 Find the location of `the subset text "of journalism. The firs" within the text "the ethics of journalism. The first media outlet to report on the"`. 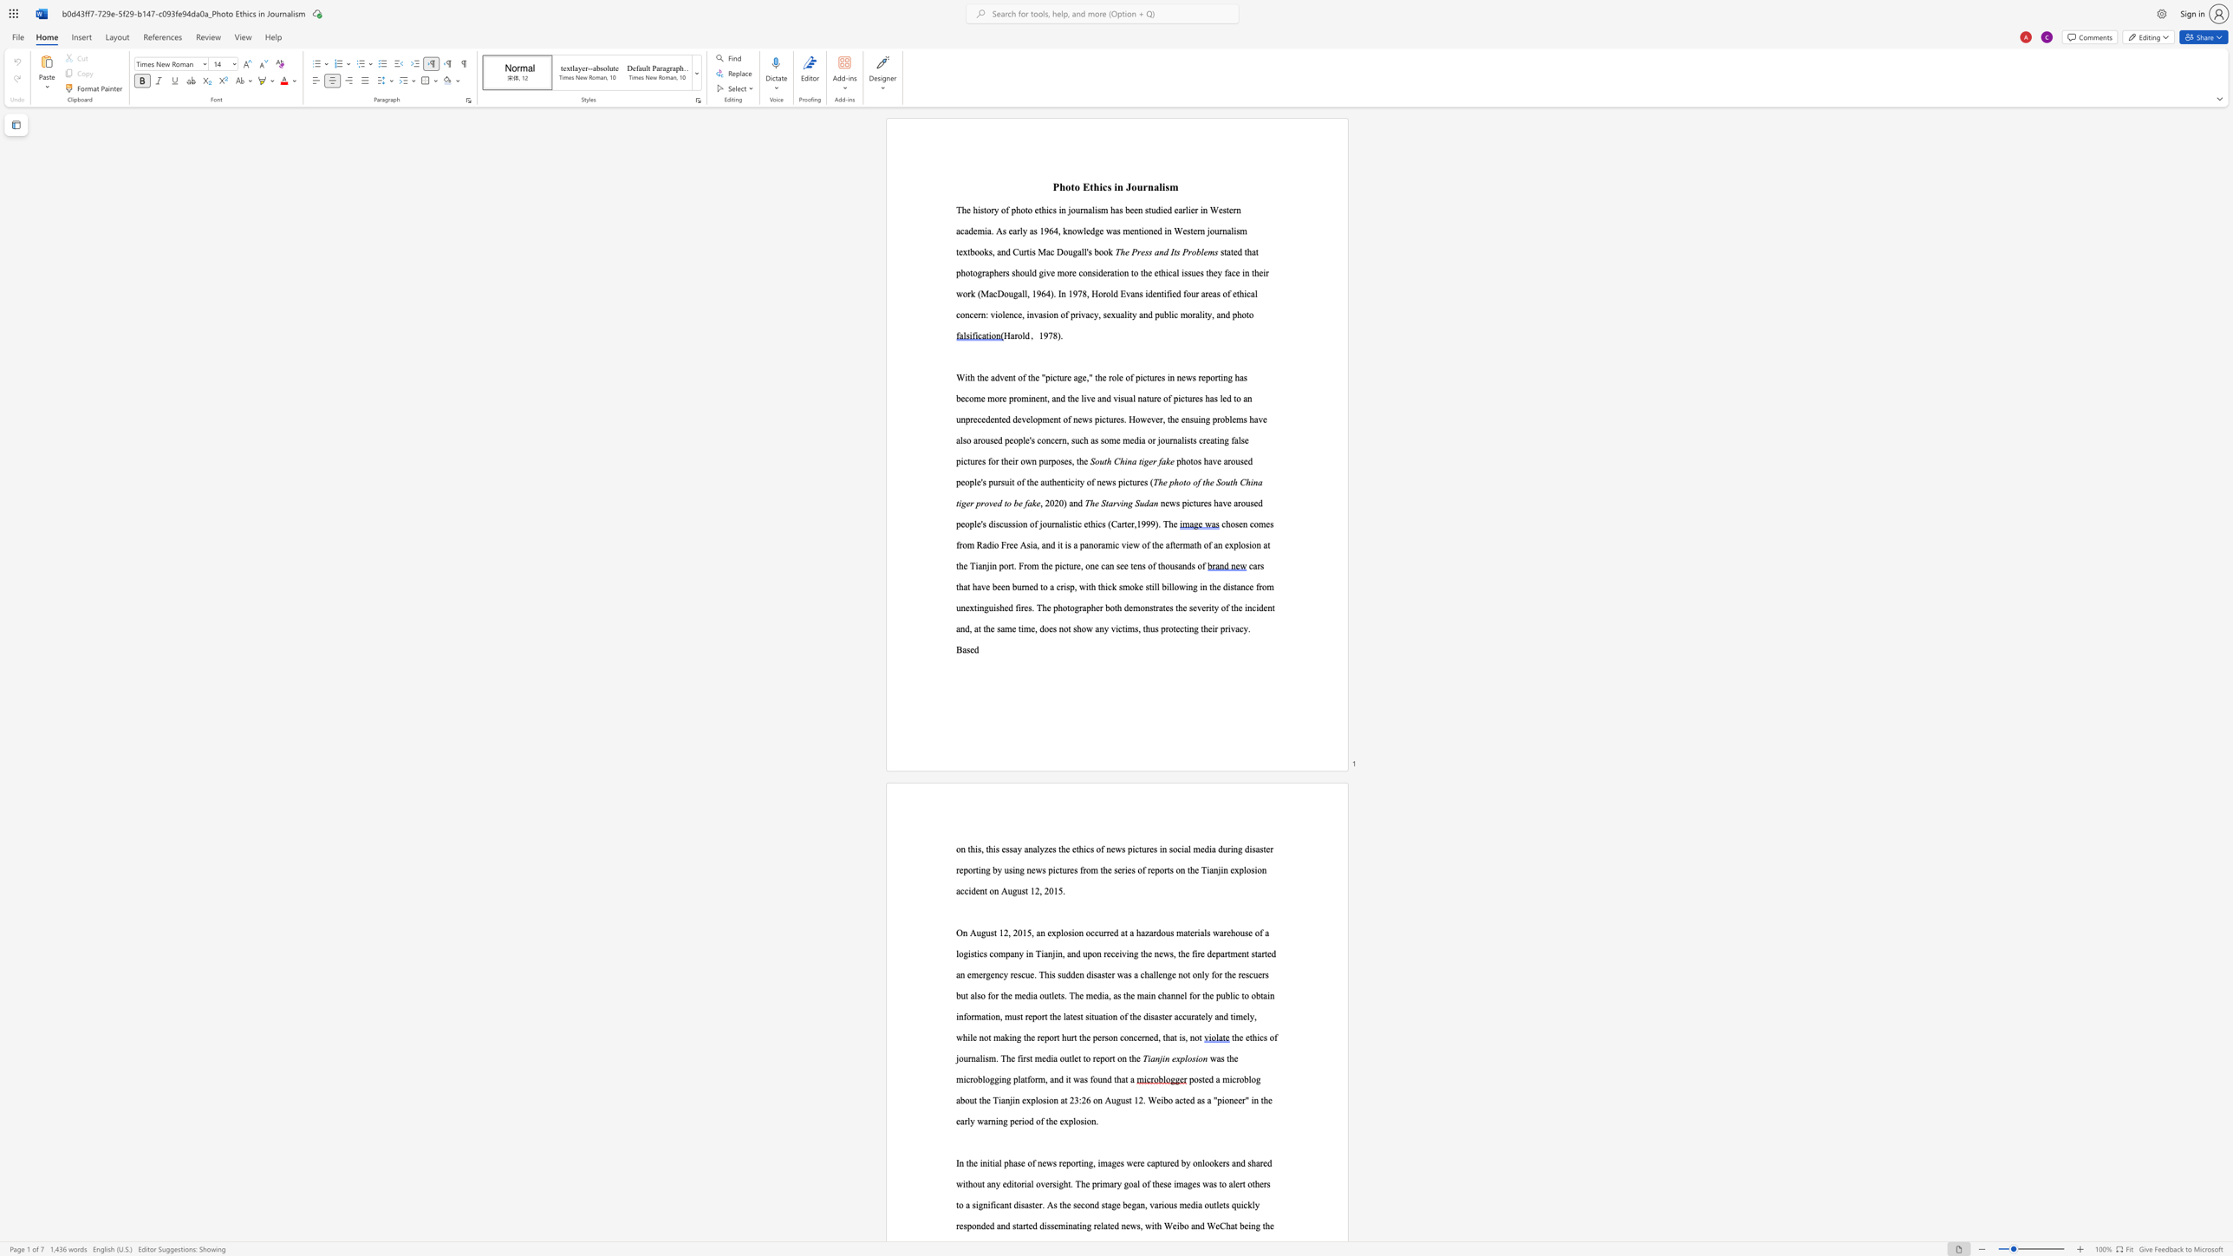

the subset text "of journalism. The firs" within the text "the ethics of journalism. The first media outlet to report on the" is located at coordinates (1269, 1036).